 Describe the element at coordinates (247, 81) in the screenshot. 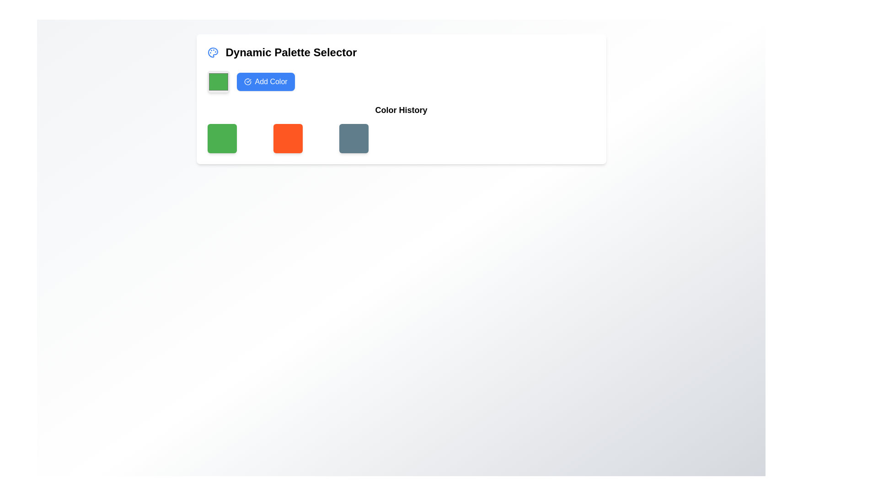

I see `the circular icon with a checkmark inside, located to the left of the 'Add Color' text in the palette selection interface` at that location.